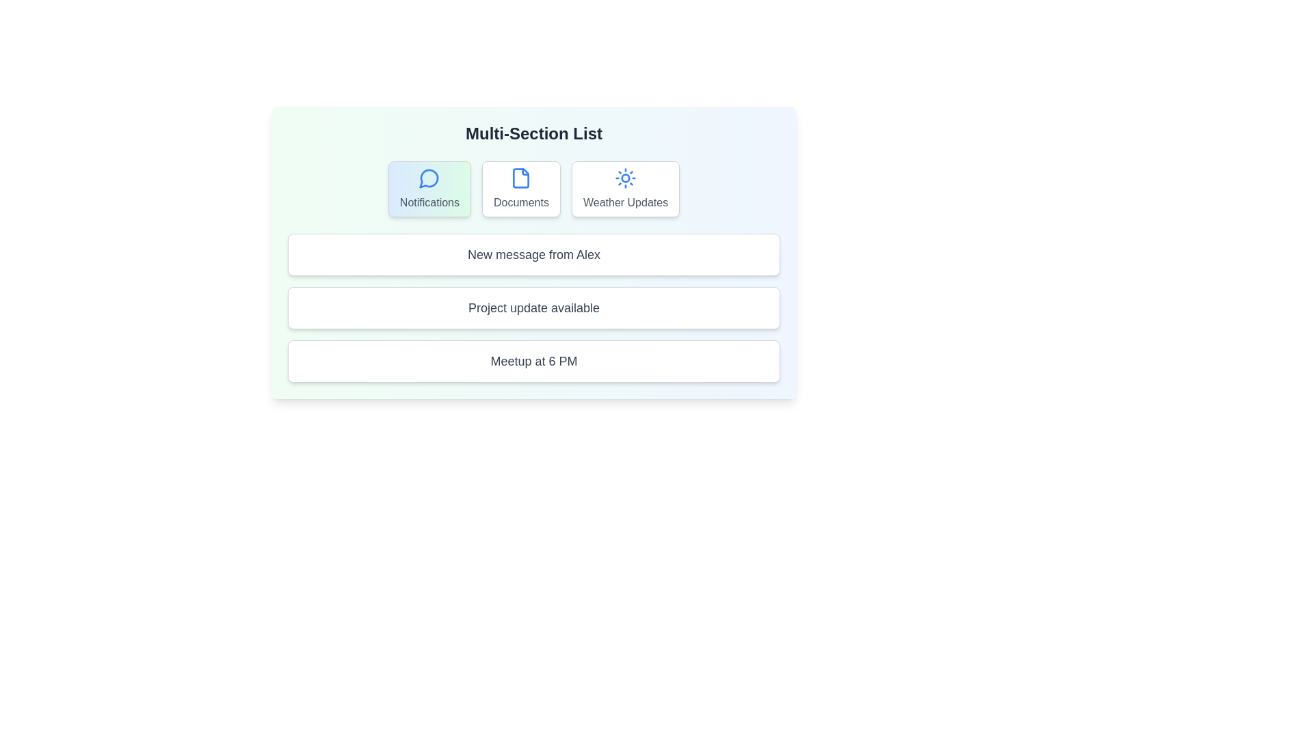 Image resolution: width=1313 pixels, height=738 pixels. Describe the element at coordinates (429, 189) in the screenshot. I see `the section or item labeled Notifications to observe its hover effect` at that location.